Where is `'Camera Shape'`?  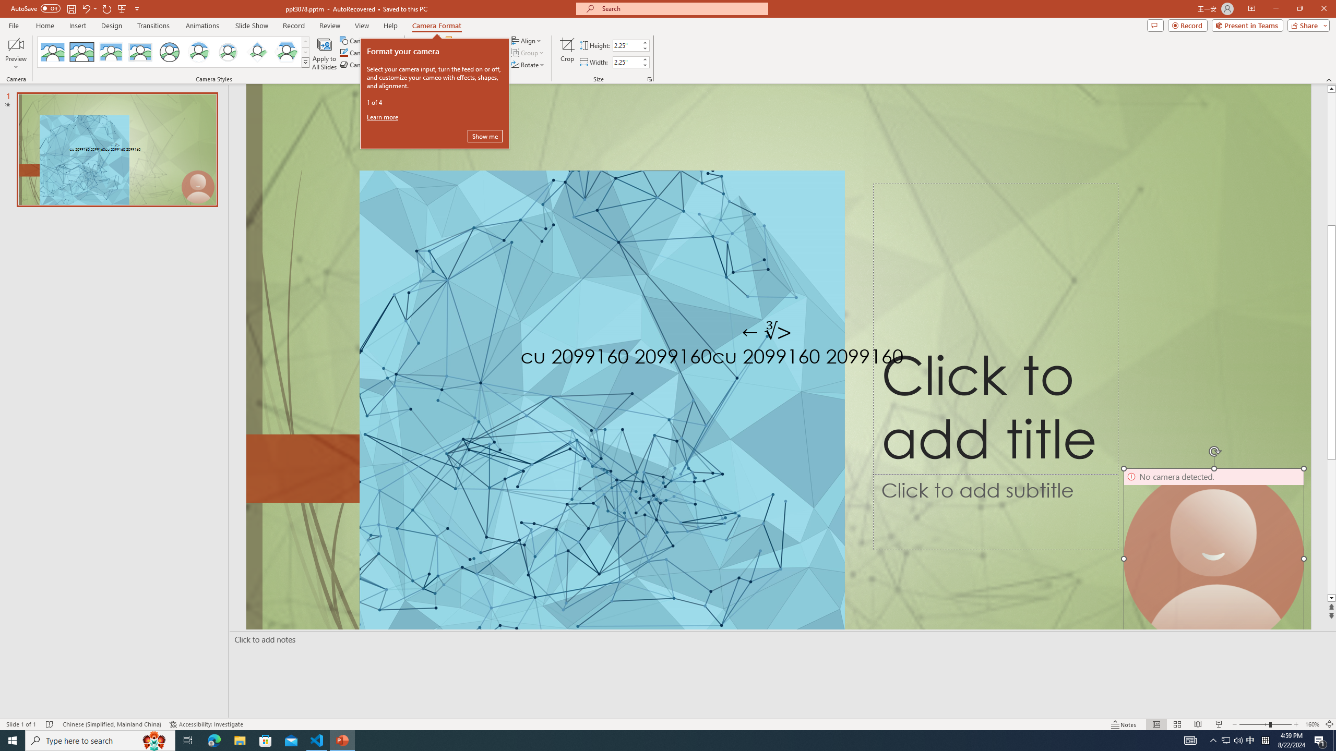
'Camera Shape' is located at coordinates (368, 40).